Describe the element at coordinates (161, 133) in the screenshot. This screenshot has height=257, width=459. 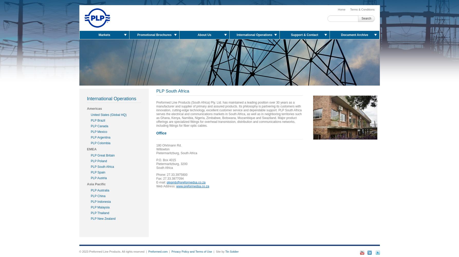
I see `'Office'` at that location.